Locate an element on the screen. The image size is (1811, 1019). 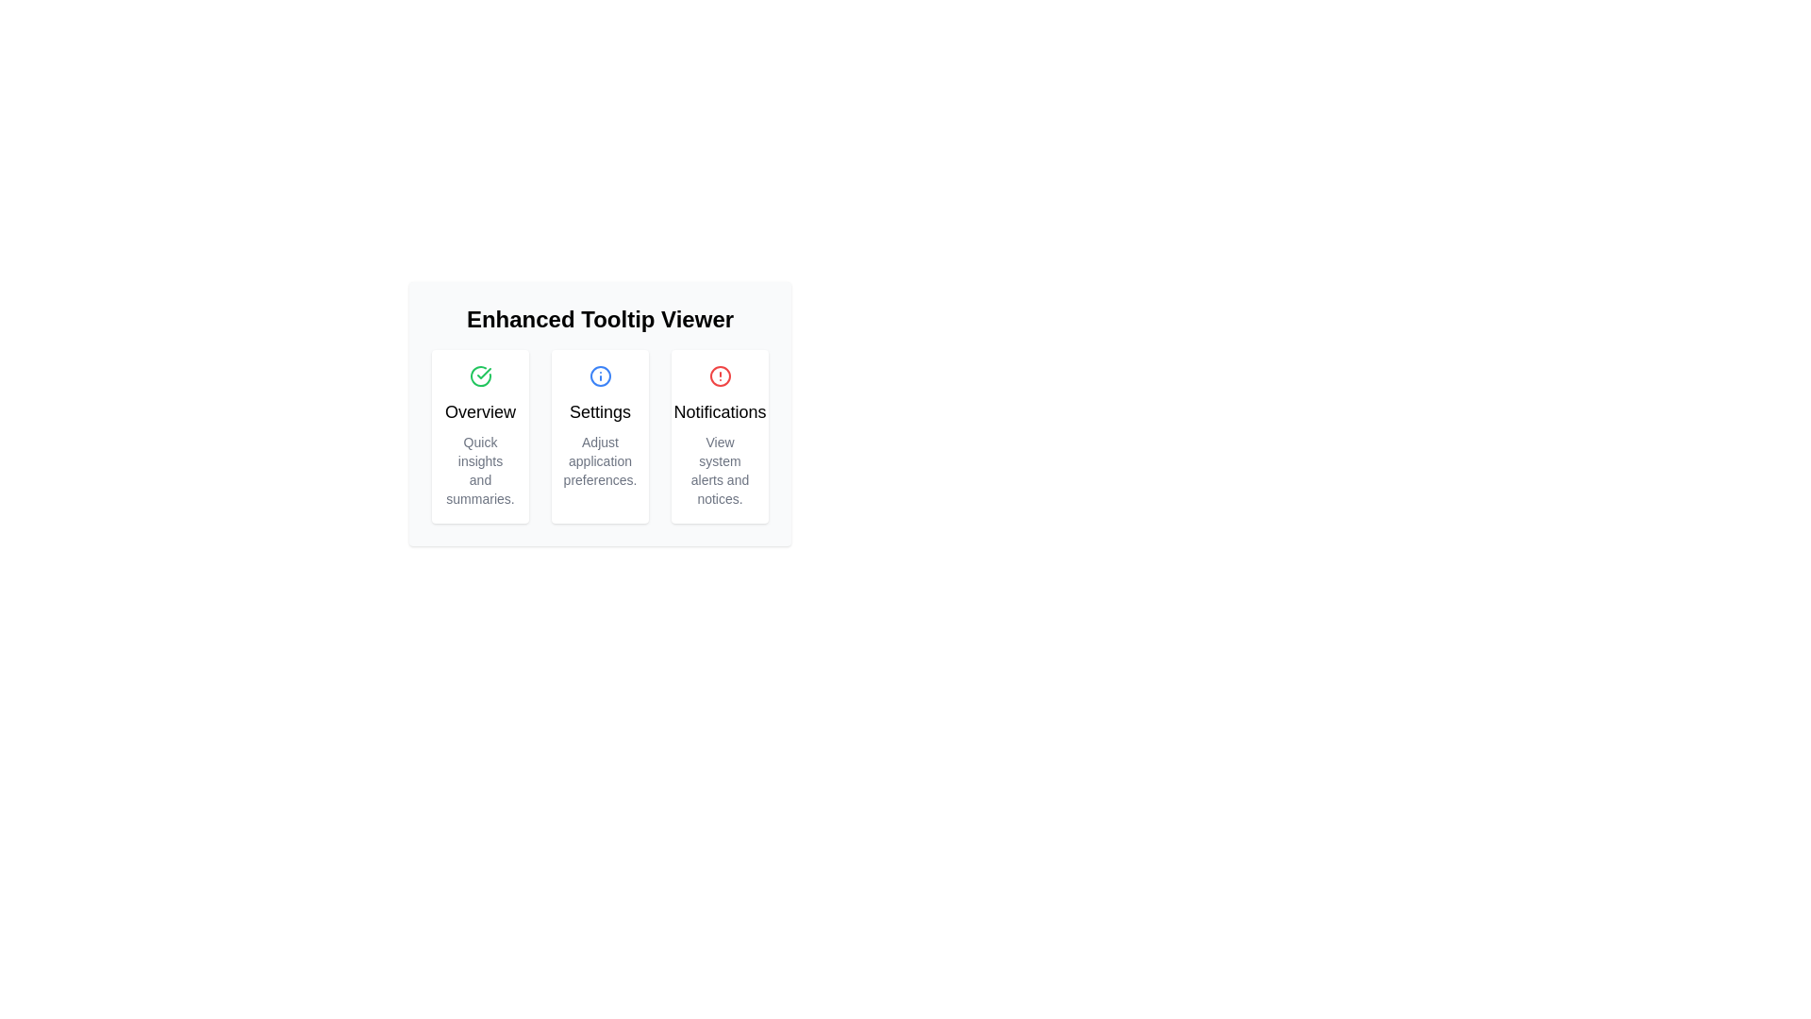
content displayed in the information panel that contains quick access options for Overview, Settings, and Notifications, located centrally within the interface is located at coordinates (599, 415).